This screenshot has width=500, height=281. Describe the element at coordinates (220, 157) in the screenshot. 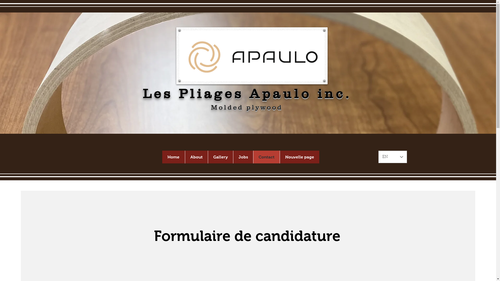

I see `'Gallery'` at that location.